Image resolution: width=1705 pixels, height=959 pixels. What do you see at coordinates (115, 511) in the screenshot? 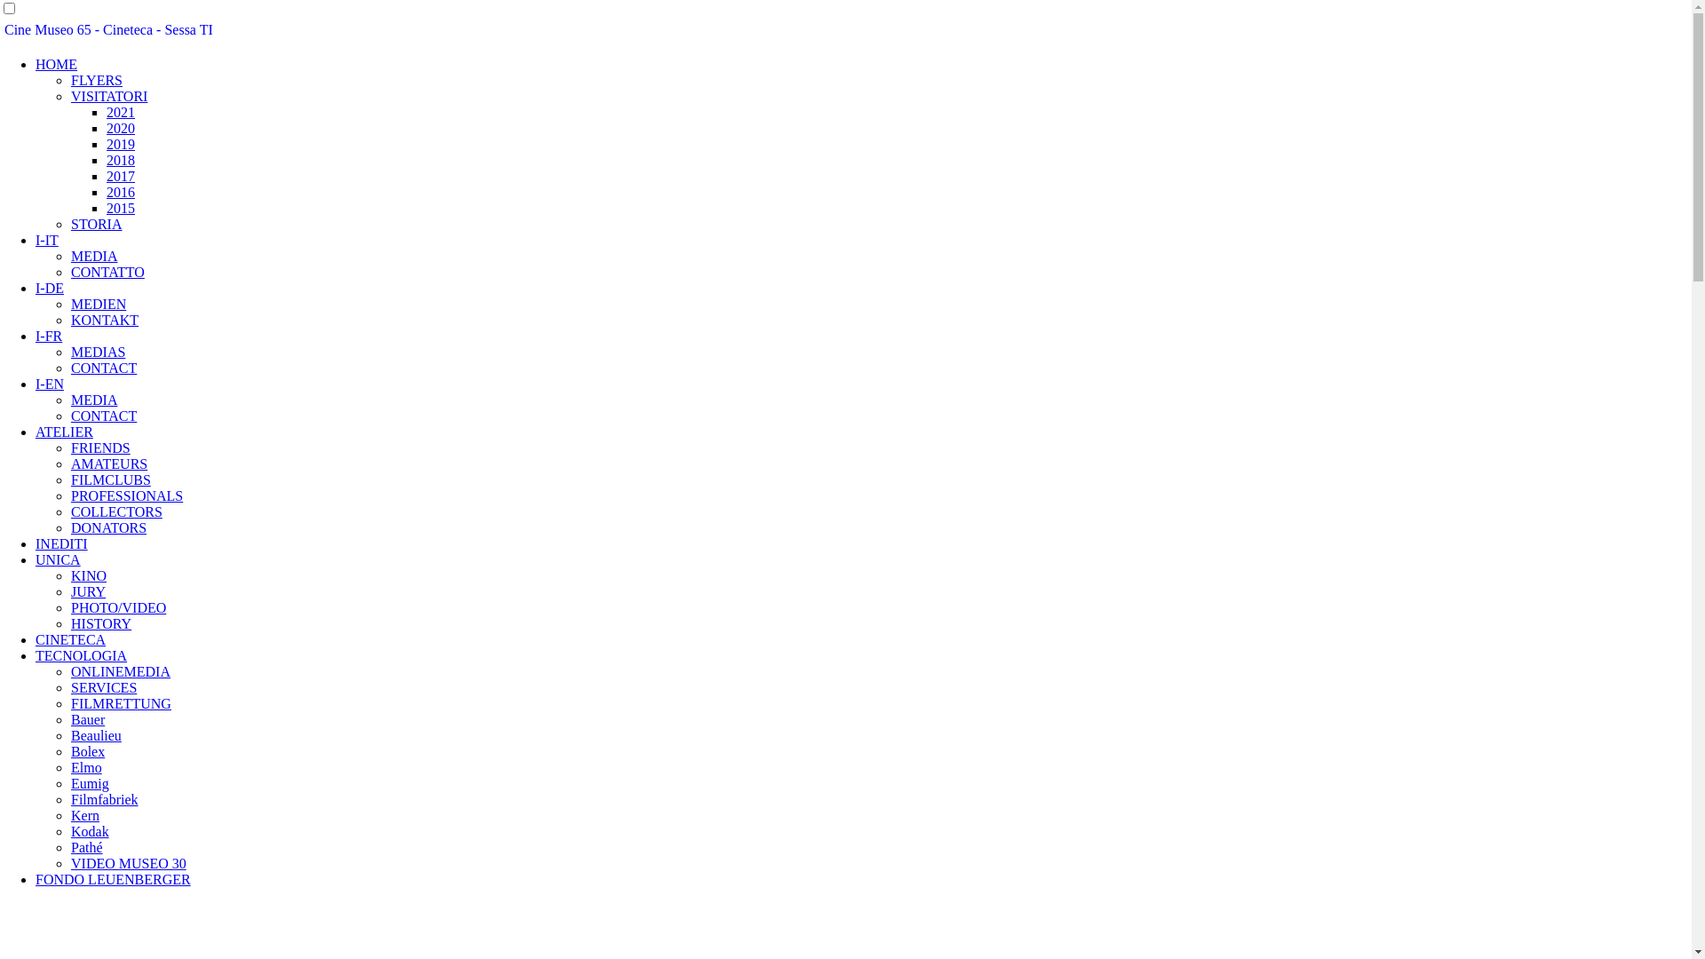
I see `'COLLECTORS'` at bounding box center [115, 511].